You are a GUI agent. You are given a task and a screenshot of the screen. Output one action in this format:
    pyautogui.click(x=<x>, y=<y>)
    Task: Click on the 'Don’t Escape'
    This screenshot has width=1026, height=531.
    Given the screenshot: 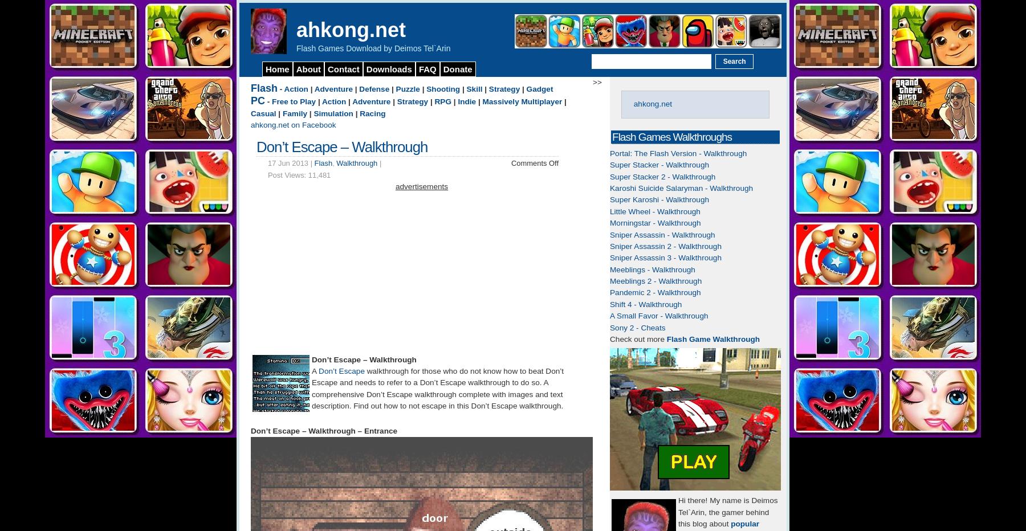 What is the action you would take?
    pyautogui.click(x=341, y=370)
    